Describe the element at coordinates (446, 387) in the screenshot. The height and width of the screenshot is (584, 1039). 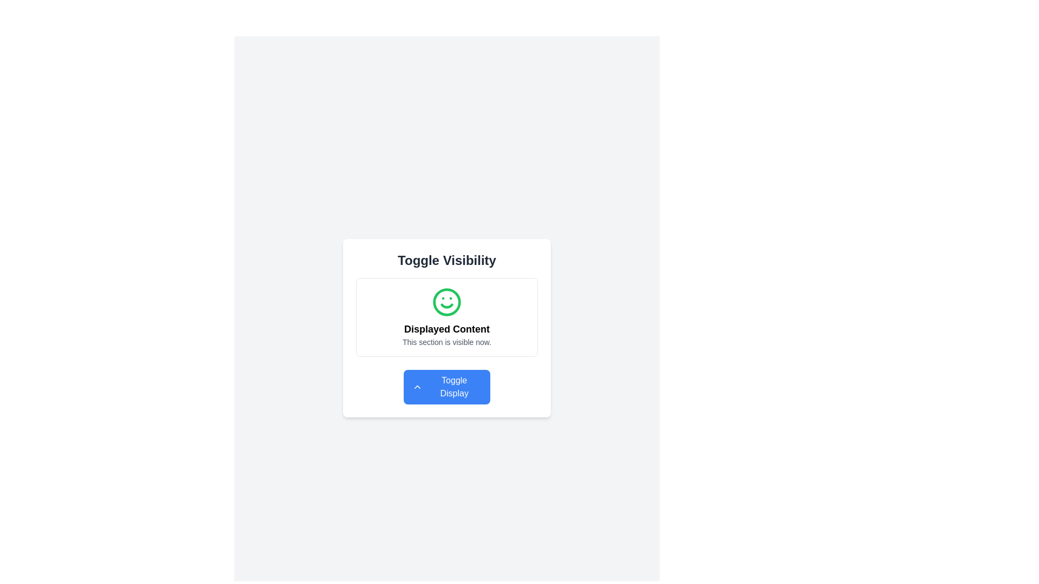
I see `the toggle button located at the bottom of the layout to change the visibility of the content section above it` at that location.